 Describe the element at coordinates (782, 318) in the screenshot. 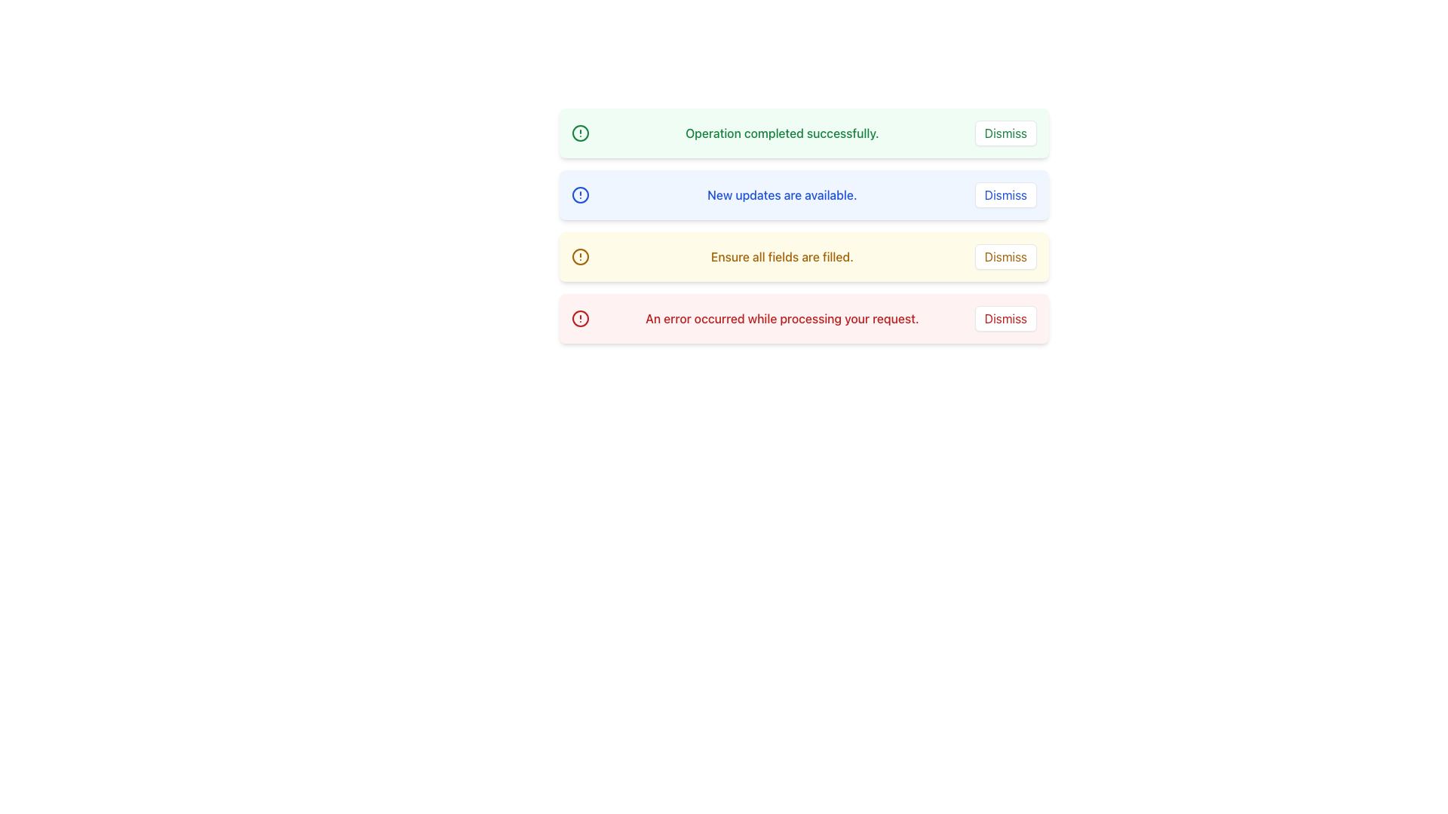

I see `the text label displaying the error message 'An error occurred while processing your request.' which is styled in red and located inside a notification card at the bottom of the list` at that location.